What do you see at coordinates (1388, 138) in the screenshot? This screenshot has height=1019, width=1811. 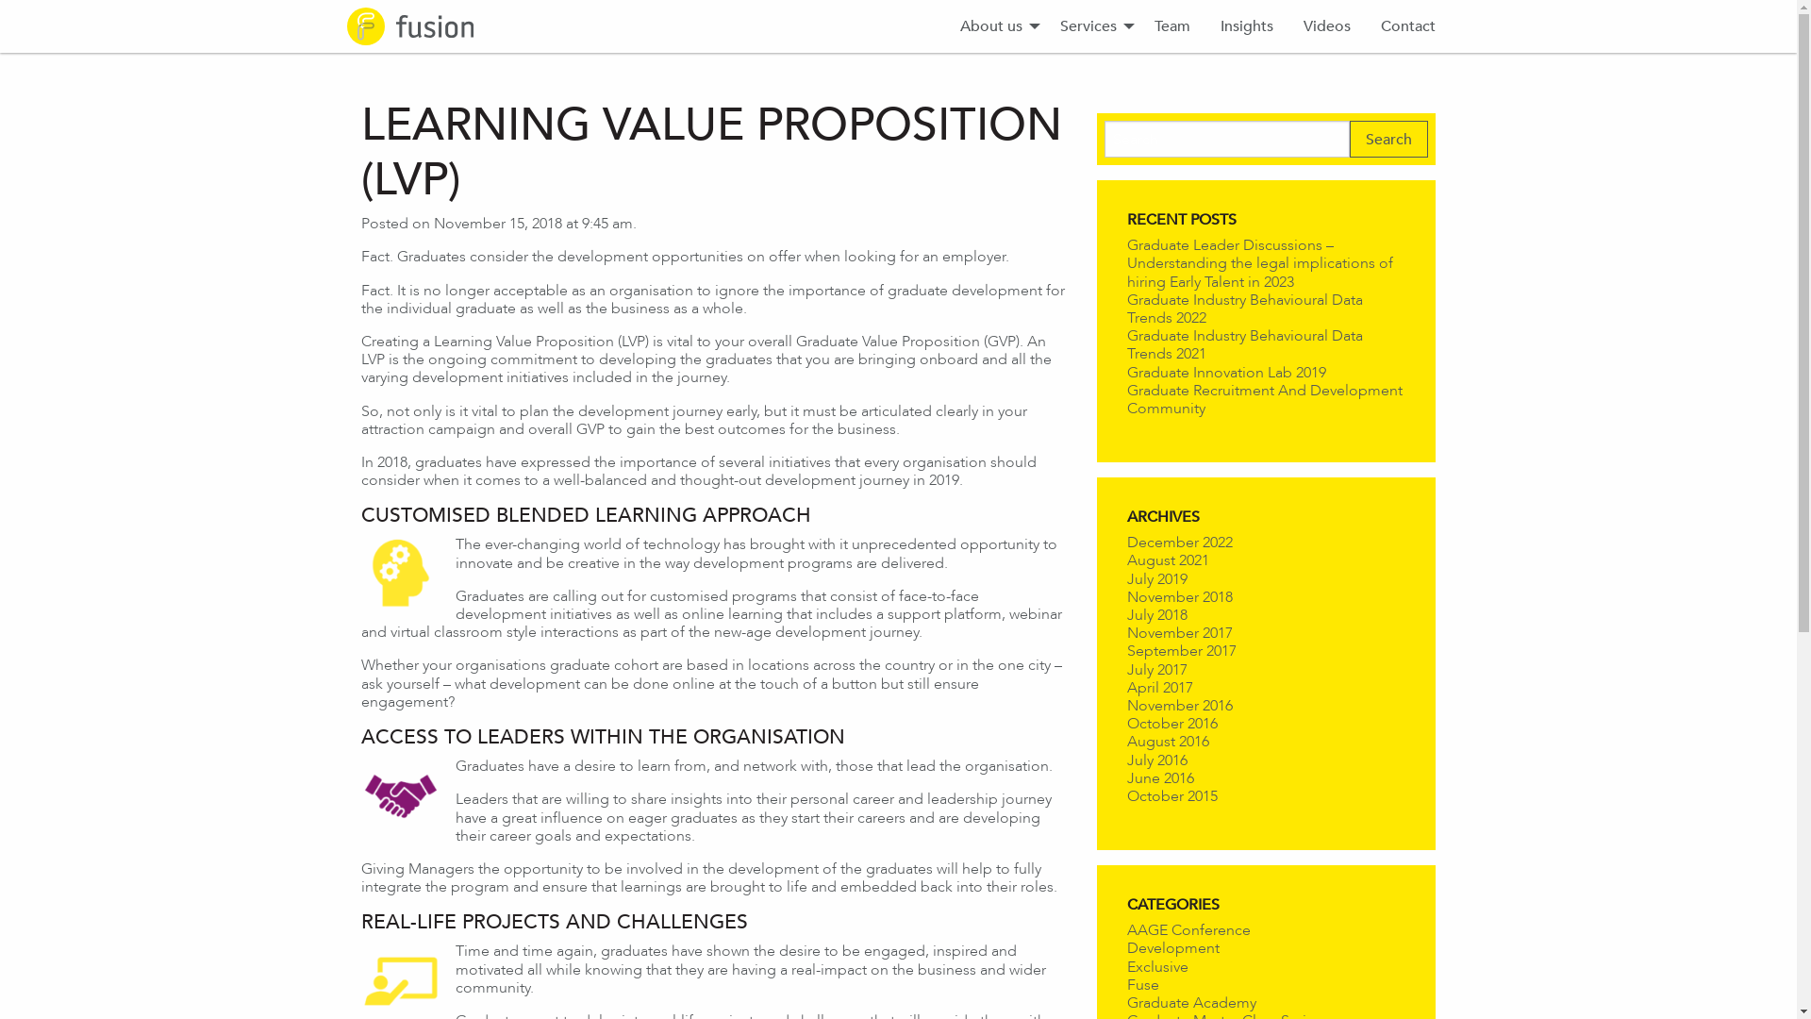 I see `'Search'` at bounding box center [1388, 138].